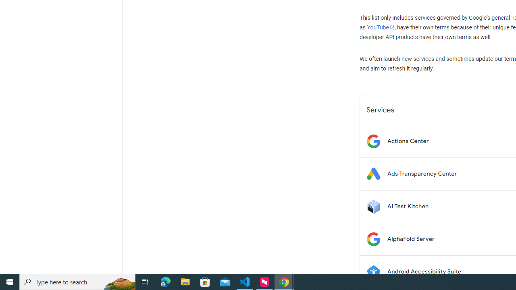 The width and height of the screenshot is (516, 290). Describe the element at coordinates (373, 141) in the screenshot. I see `'Logo for Actions Center'` at that location.